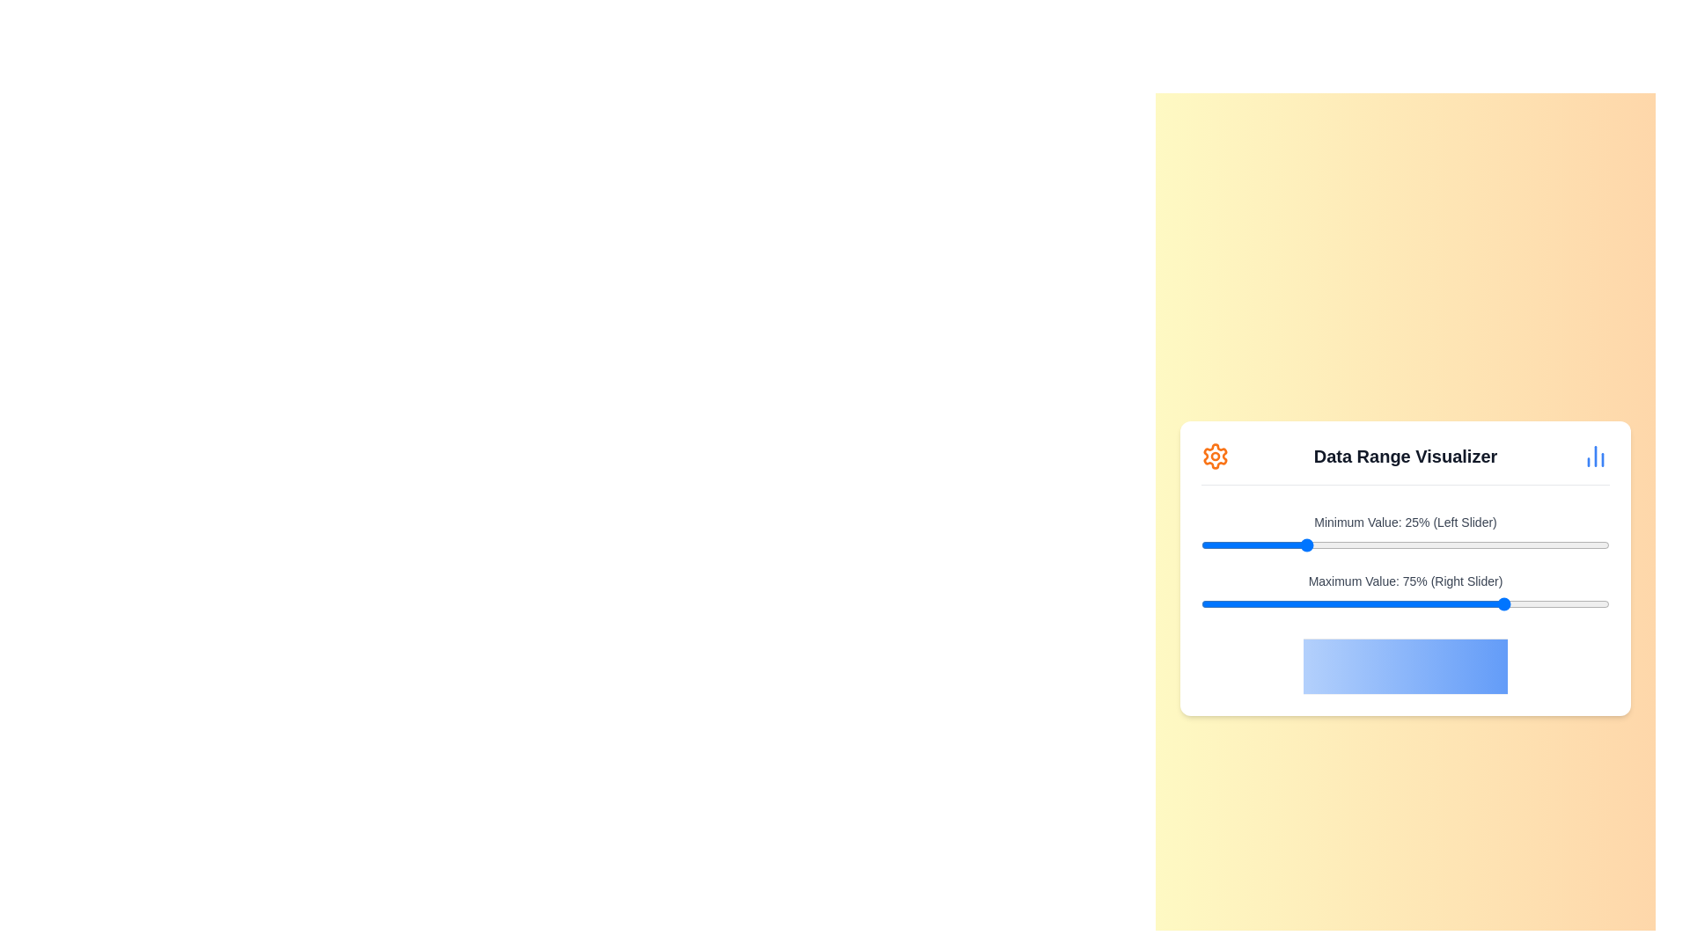  What do you see at coordinates (1596, 455) in the screenshot?
I see `the blue bar chart icon in the 'Data Range Visualizer' section` at bounding box center [1596, 455].